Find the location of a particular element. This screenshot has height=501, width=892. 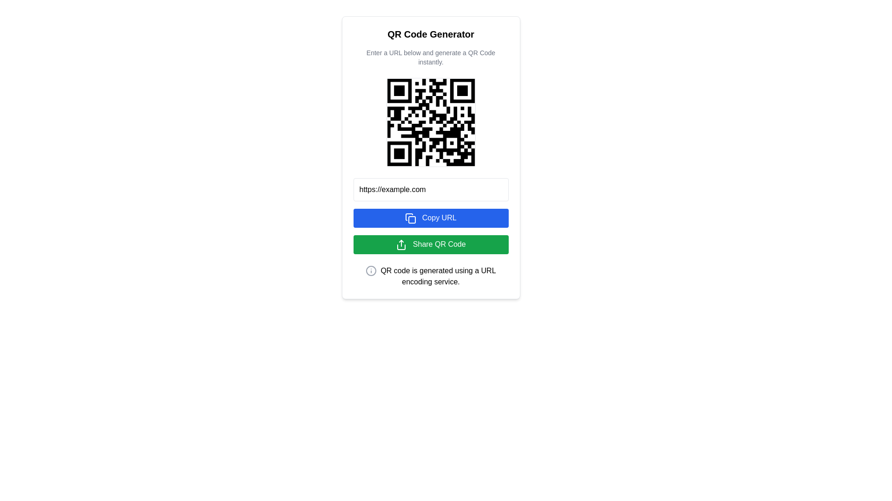

the green button labeled 'Share QR Code' is located at coordinates (430, 244).